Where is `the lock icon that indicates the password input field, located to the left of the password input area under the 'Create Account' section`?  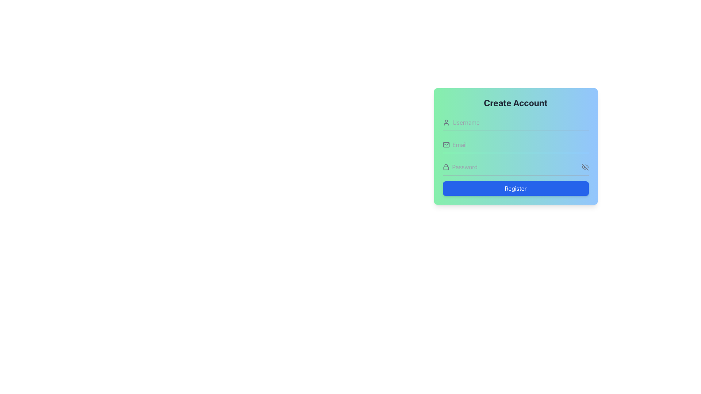 the lock icon that indicates the password input field, located to the left of the password input area under the 'Create Account' section is located at coordinates (445, 167).